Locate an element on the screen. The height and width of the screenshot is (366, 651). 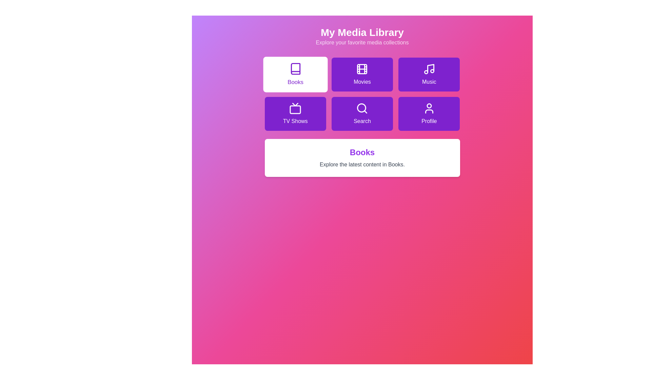
the 'Books' navigation button located at the top-left corner of the 3x2 grid is located at coordinates (295, 74).